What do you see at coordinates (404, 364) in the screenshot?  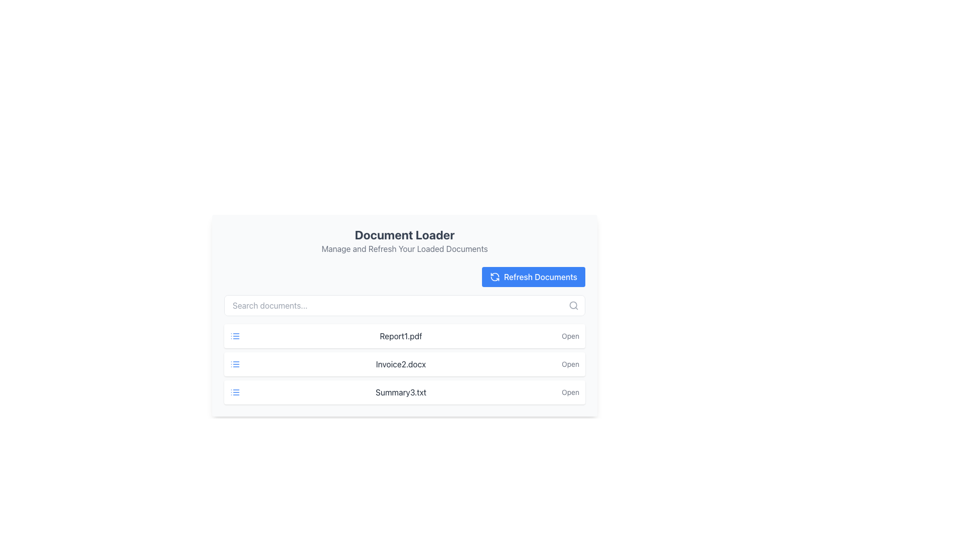 I see `the composite UI component representing the document 'Invoice2.docx', which includes a text label, an icon, and a clickable 'Open' link` at bounding box center [404, 364].